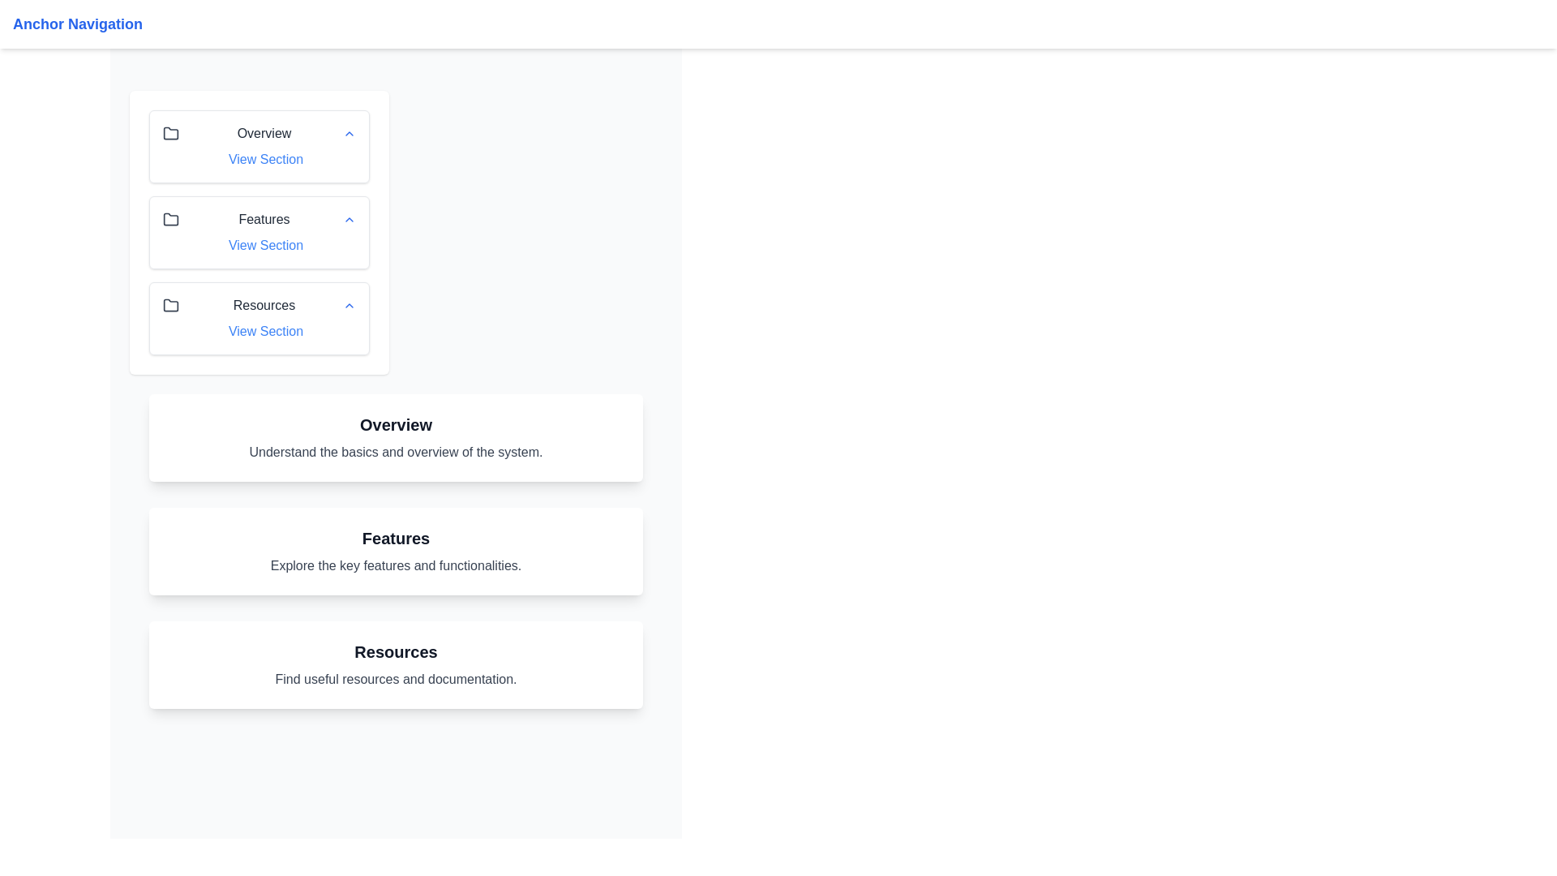 The width and height of the screenshot is (1557, 876). Describe the element at coordinates (171, 306) in the screenshot. I see `the 'Resources' icon located to the left of the text 'Resources' in the navigation menu` at that location.